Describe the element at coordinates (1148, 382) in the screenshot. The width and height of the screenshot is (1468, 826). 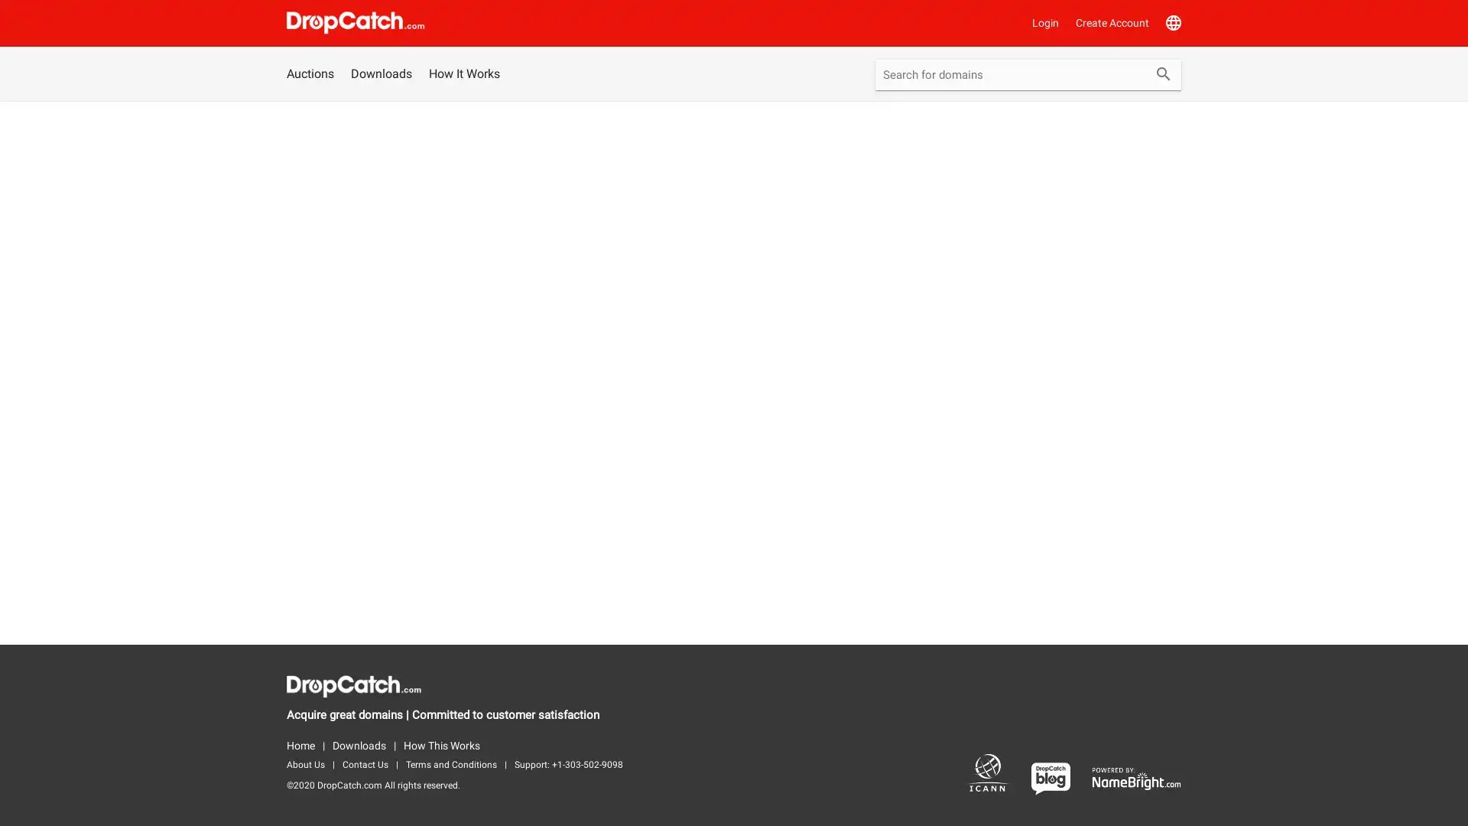
I see `Bid` at that location.